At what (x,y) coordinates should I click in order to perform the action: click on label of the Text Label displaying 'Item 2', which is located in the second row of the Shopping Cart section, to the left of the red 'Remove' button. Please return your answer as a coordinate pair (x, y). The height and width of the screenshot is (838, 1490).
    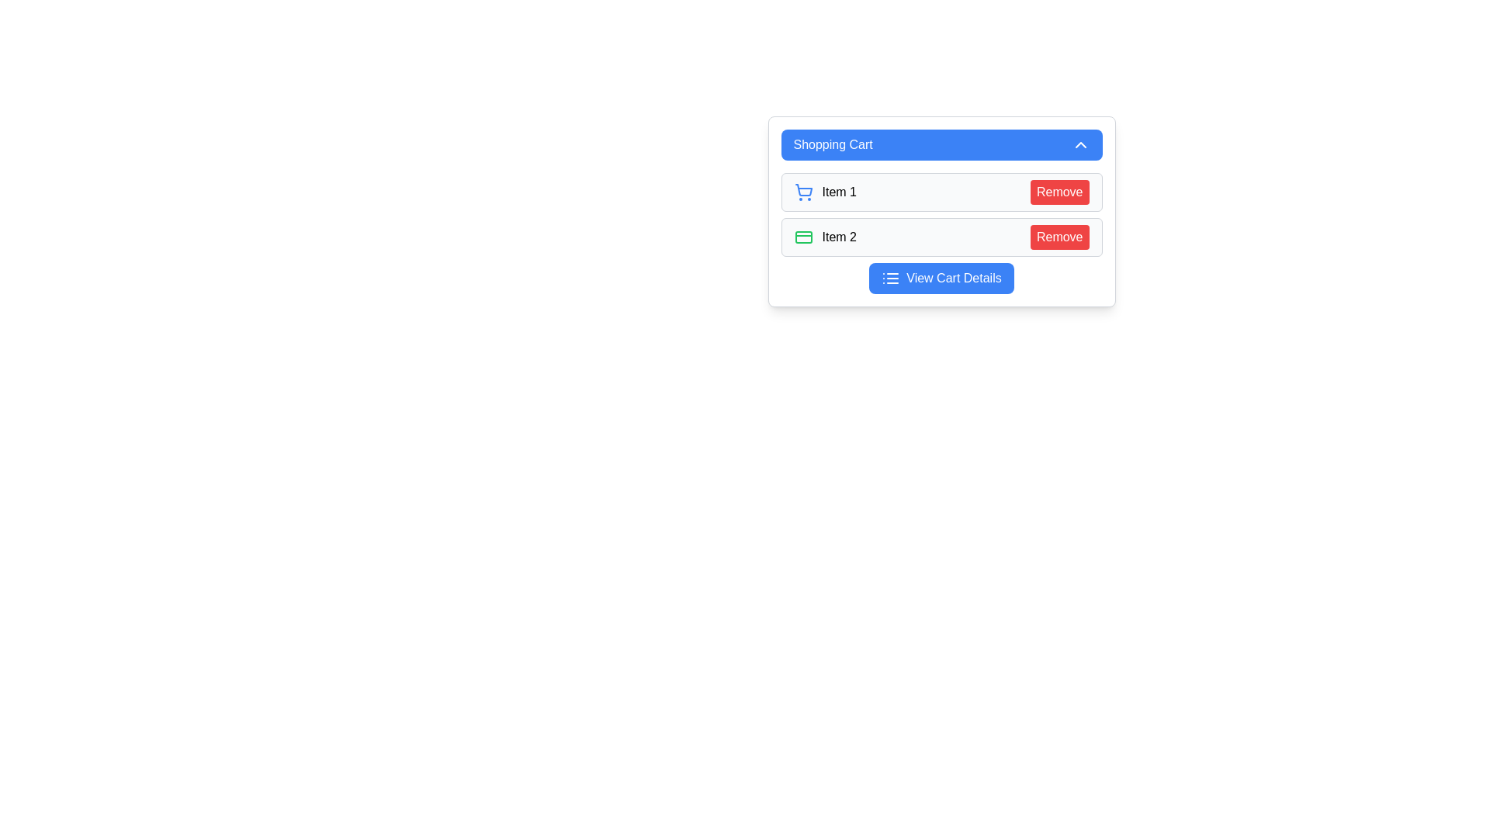
    Looking at the image, I should click on (824, 237).